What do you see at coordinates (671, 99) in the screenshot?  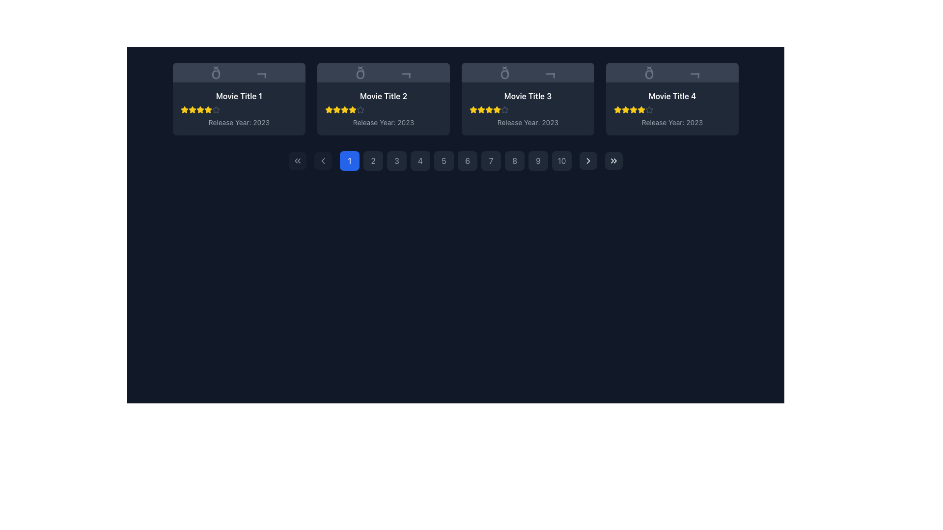 I see `the movie information card for 'Movie Title 4', which is located in the fourth column of the grid layout, immediately to the right of 'Movie Title 3'` at bounding box center [671, 99].